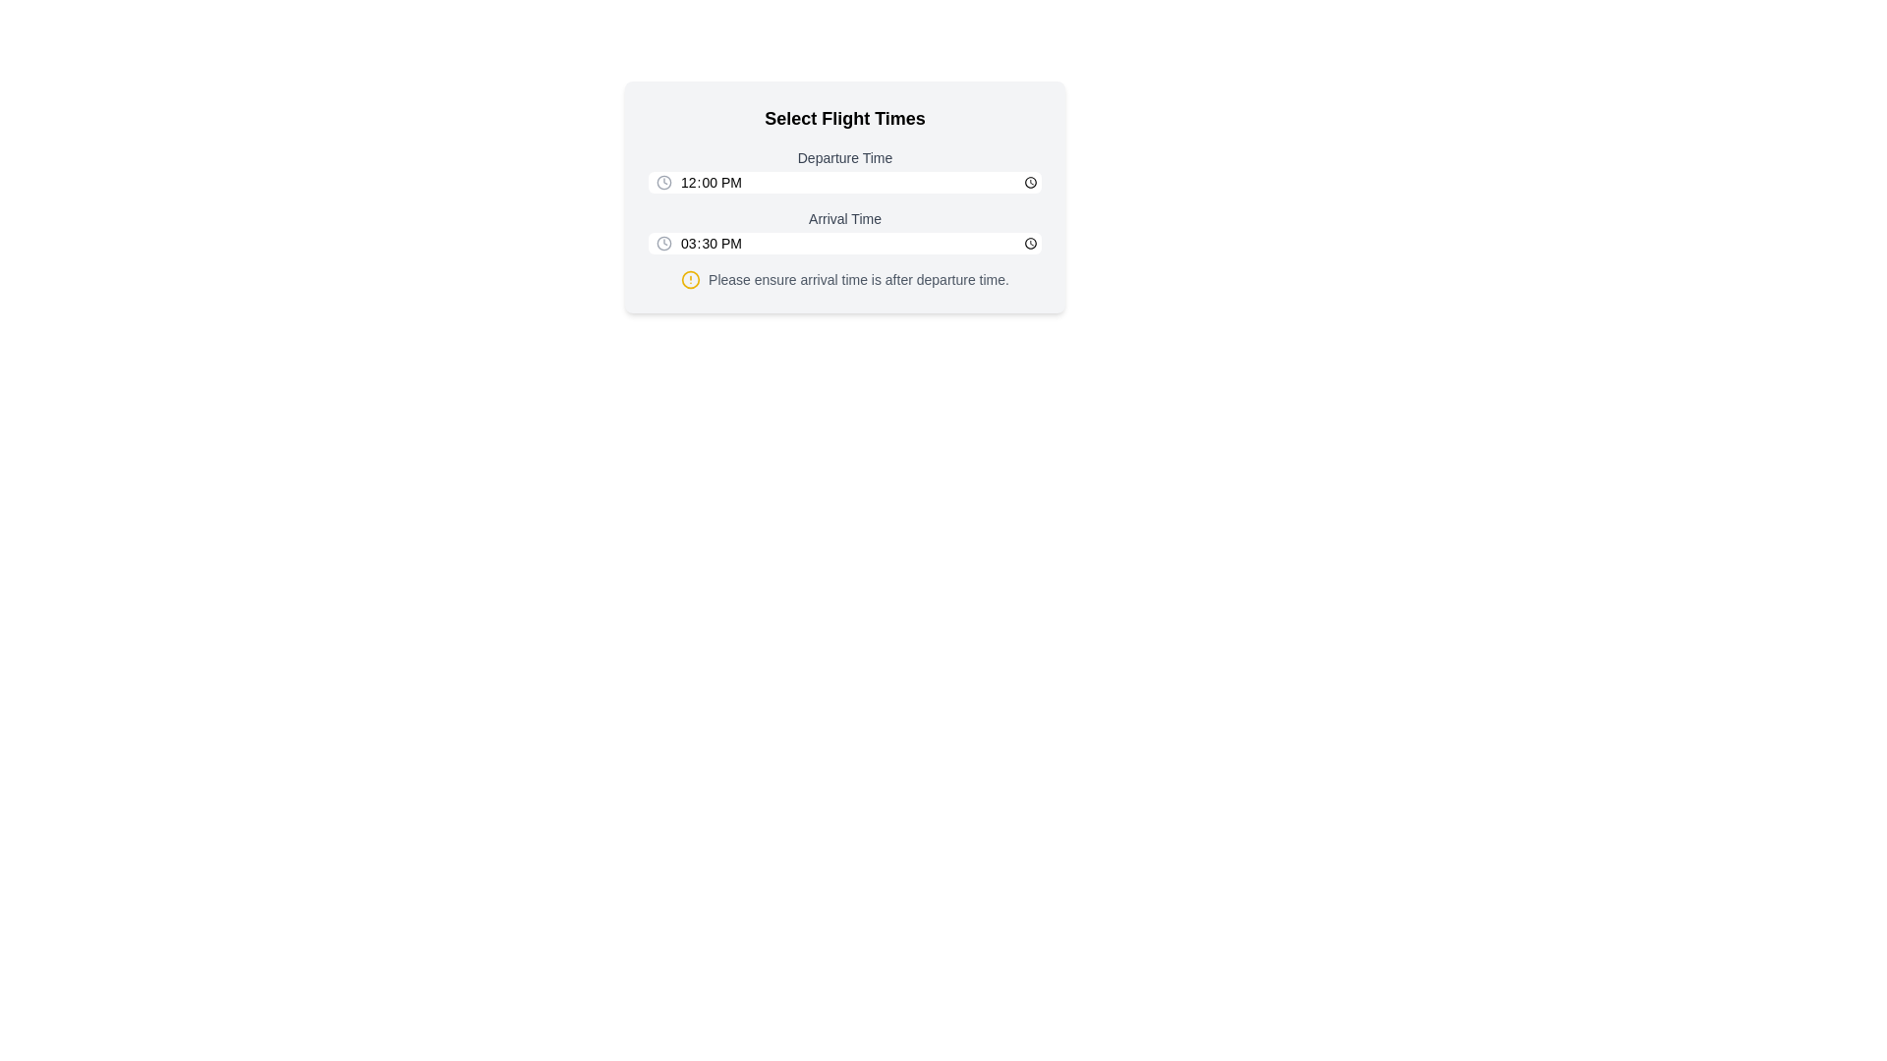  I want to click on the circular outline icon representing a clock within the SVG graphic, which is positioned to the left of the 'Arrival Time' label in the modal, so click(664, 182).